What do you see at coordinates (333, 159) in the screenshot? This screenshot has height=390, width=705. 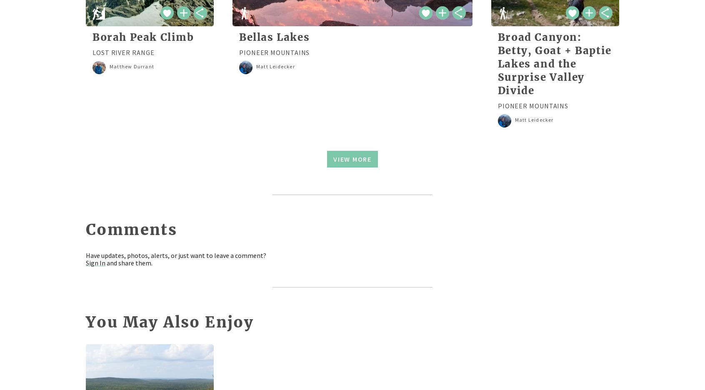 I see `'View More'` at bounding box center [333, 159].